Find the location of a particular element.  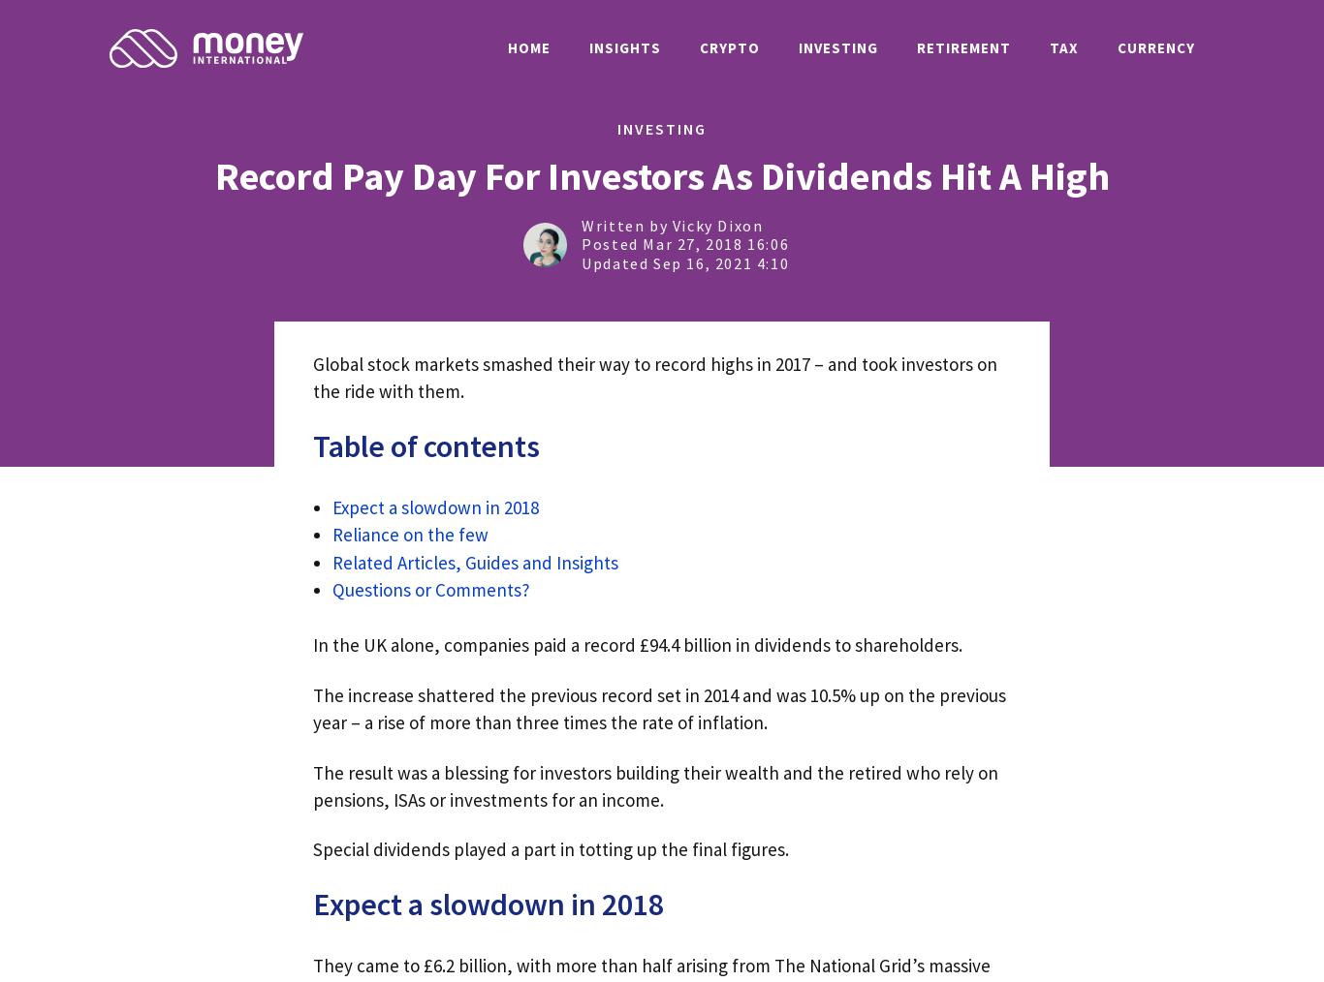

'In the UK alone, companies paid a record £94.4 billion in dividends to shareholders.' is located at coordinates (637, 644).